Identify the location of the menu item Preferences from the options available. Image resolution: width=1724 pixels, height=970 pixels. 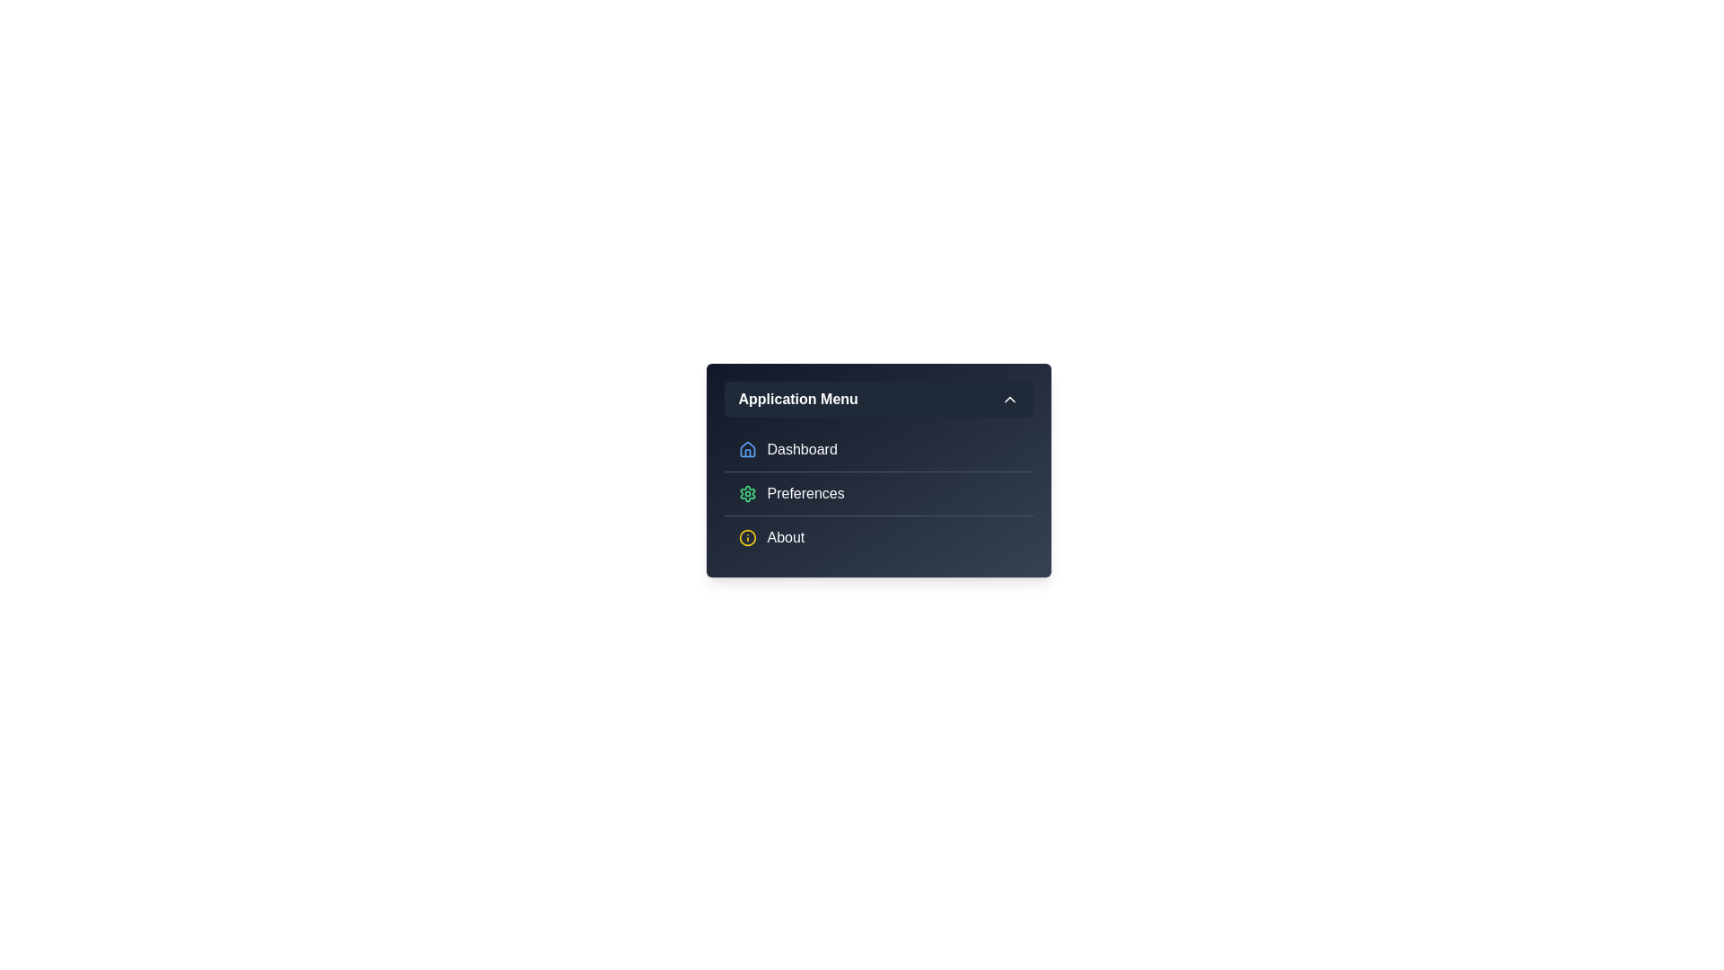
(878, 493).